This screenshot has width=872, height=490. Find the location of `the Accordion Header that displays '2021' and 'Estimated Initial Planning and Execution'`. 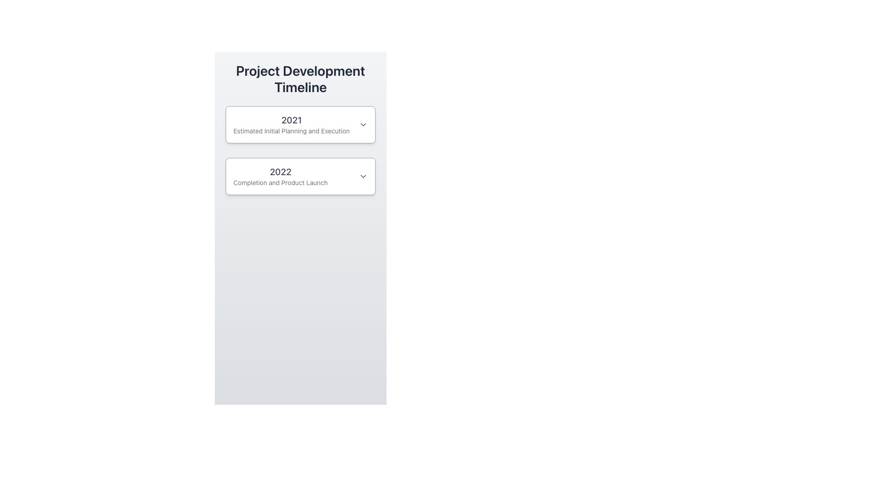

the Accordion Header that displays '2021' and 'Estimated Initial Planning and Execution' is located at coordinates (301, 124).